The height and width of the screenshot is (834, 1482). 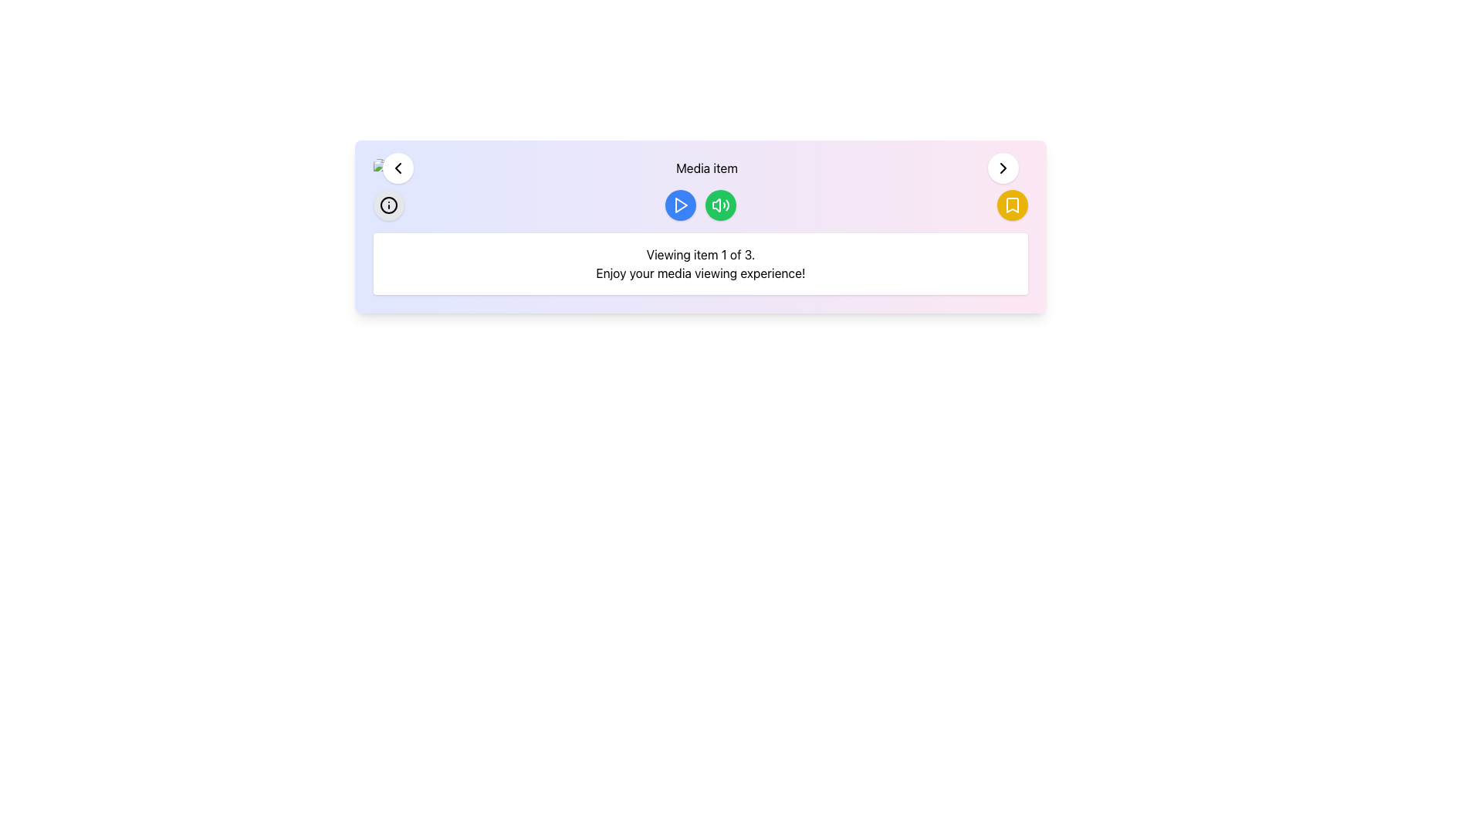 What do you see at coordinates (389, 205) in the screenshot?
I see `the information icon located inside a rounded square button in the left section of the toolbar, positioned below the left-arrow icon` at bounding box center [389, 205].